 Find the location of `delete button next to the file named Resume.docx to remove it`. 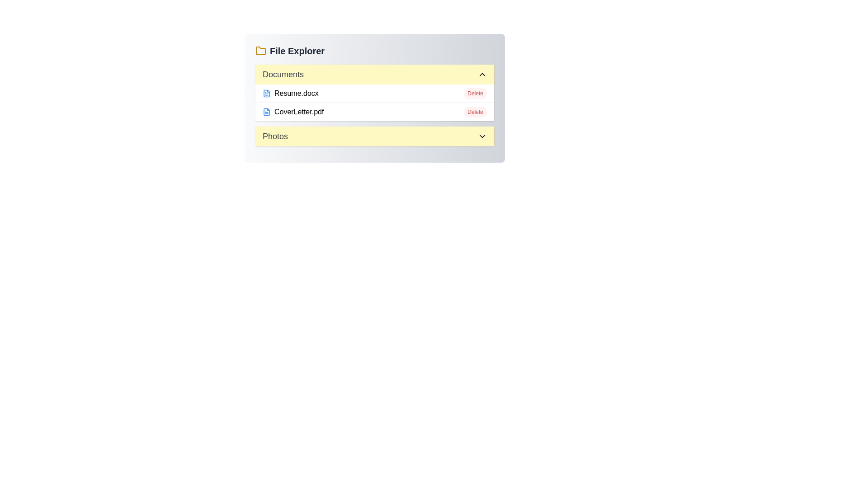

delete button next to the file named Resume.docx to remove it is located at coordinates (475, 94).